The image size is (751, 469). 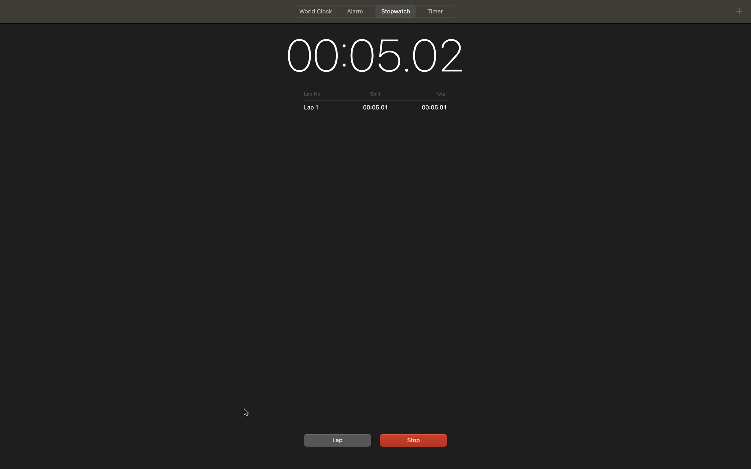 What do you see at coordinates (336, 440) in the screenshot?
I see `Begin a lap function, follow up by halting the stopwatch` at bounding box center [336, 440].